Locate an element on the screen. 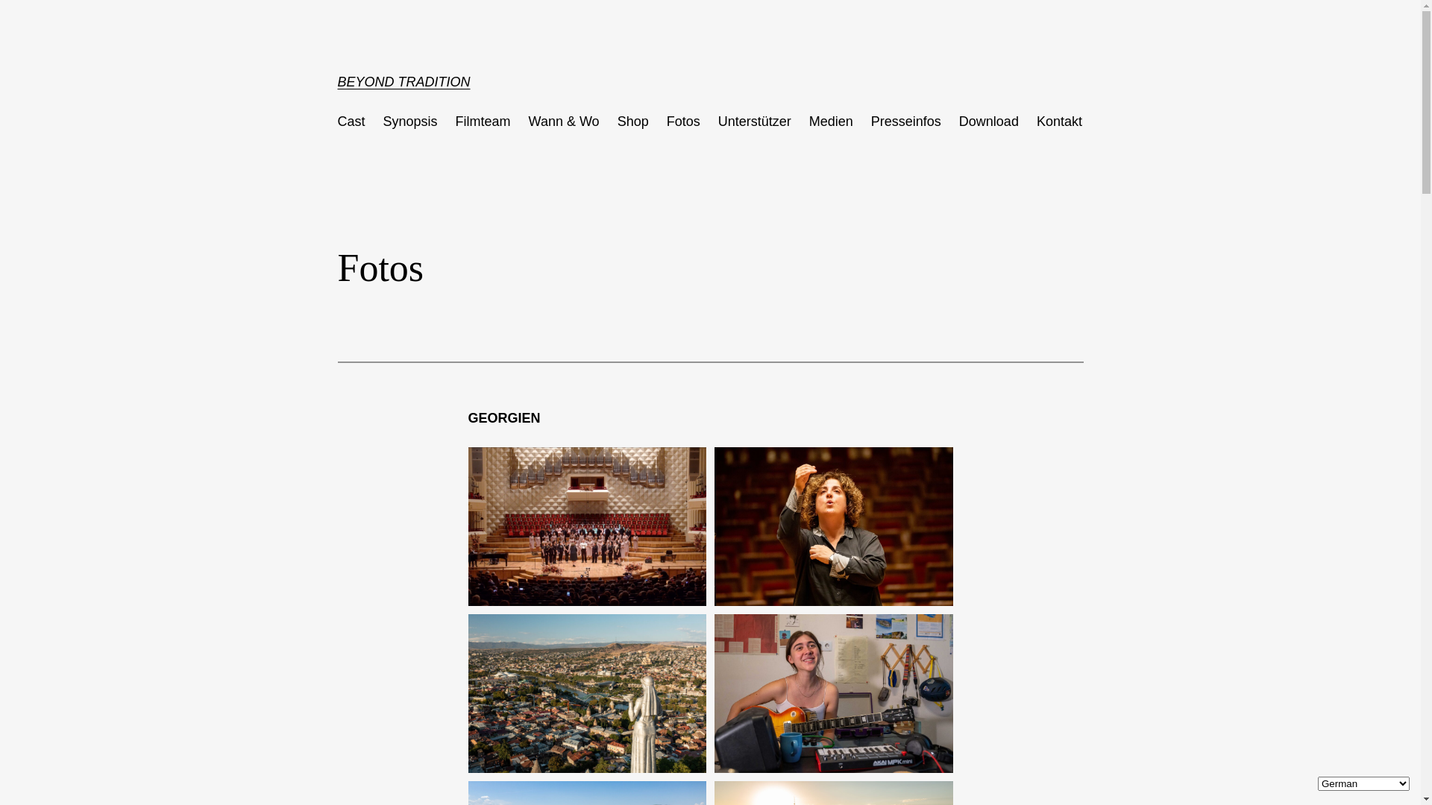  'Wann & Wo' is located at coordinates (563, 121).